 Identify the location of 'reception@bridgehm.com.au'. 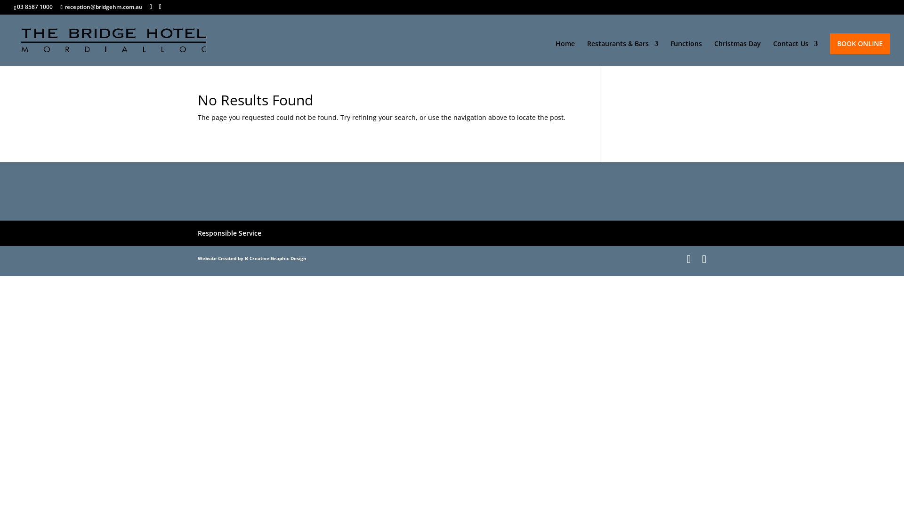
(101, 7).